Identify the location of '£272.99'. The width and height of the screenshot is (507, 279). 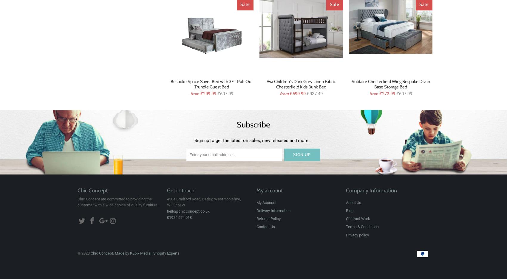
(379, 93).